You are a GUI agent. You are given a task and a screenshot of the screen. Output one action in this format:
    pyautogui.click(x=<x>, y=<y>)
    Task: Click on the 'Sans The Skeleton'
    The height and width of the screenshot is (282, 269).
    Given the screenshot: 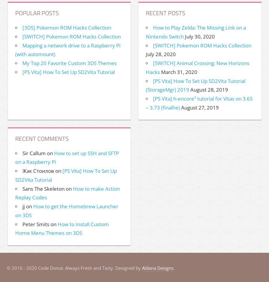 What is the action you would take?
    pyautogui.click(x=43, y=188)
    